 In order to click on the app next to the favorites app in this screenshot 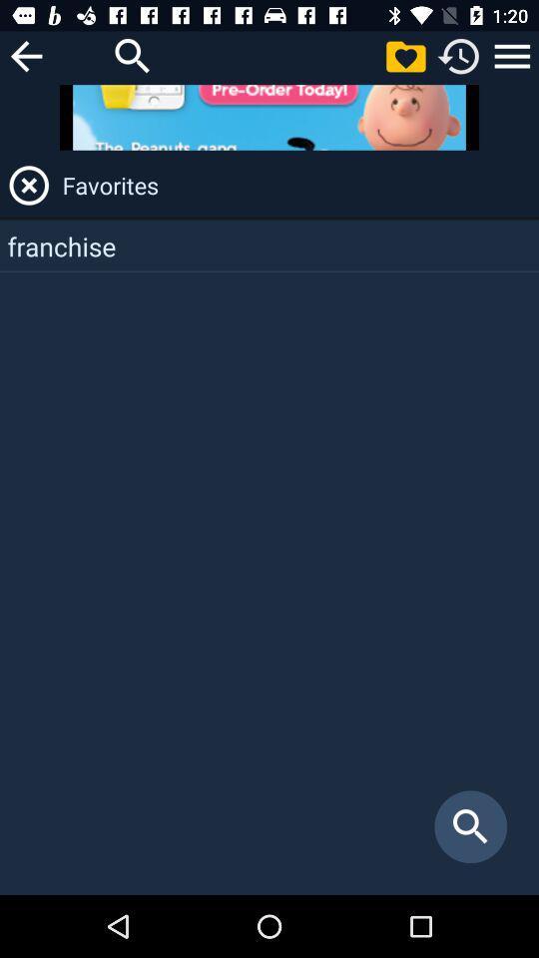, I will do `click(28, 186)`.